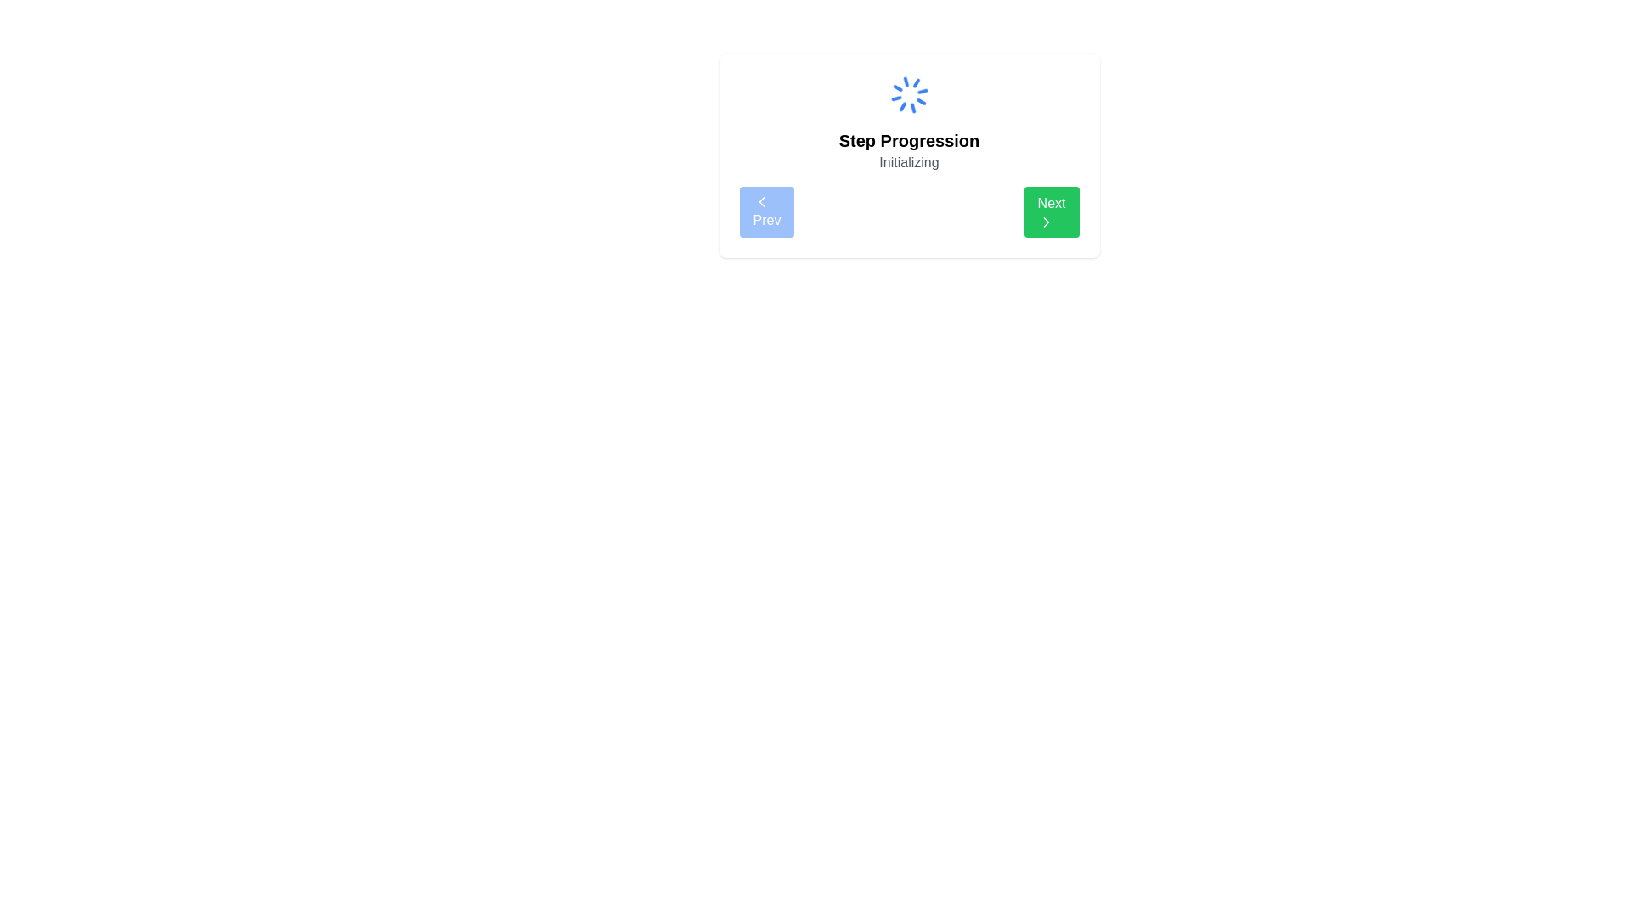 The width and height of the screenshot is (1631, 917). I want to click on the 'Next' button located to the right of the 'Prev' button to proceed to the next step, so click(1051, 211).